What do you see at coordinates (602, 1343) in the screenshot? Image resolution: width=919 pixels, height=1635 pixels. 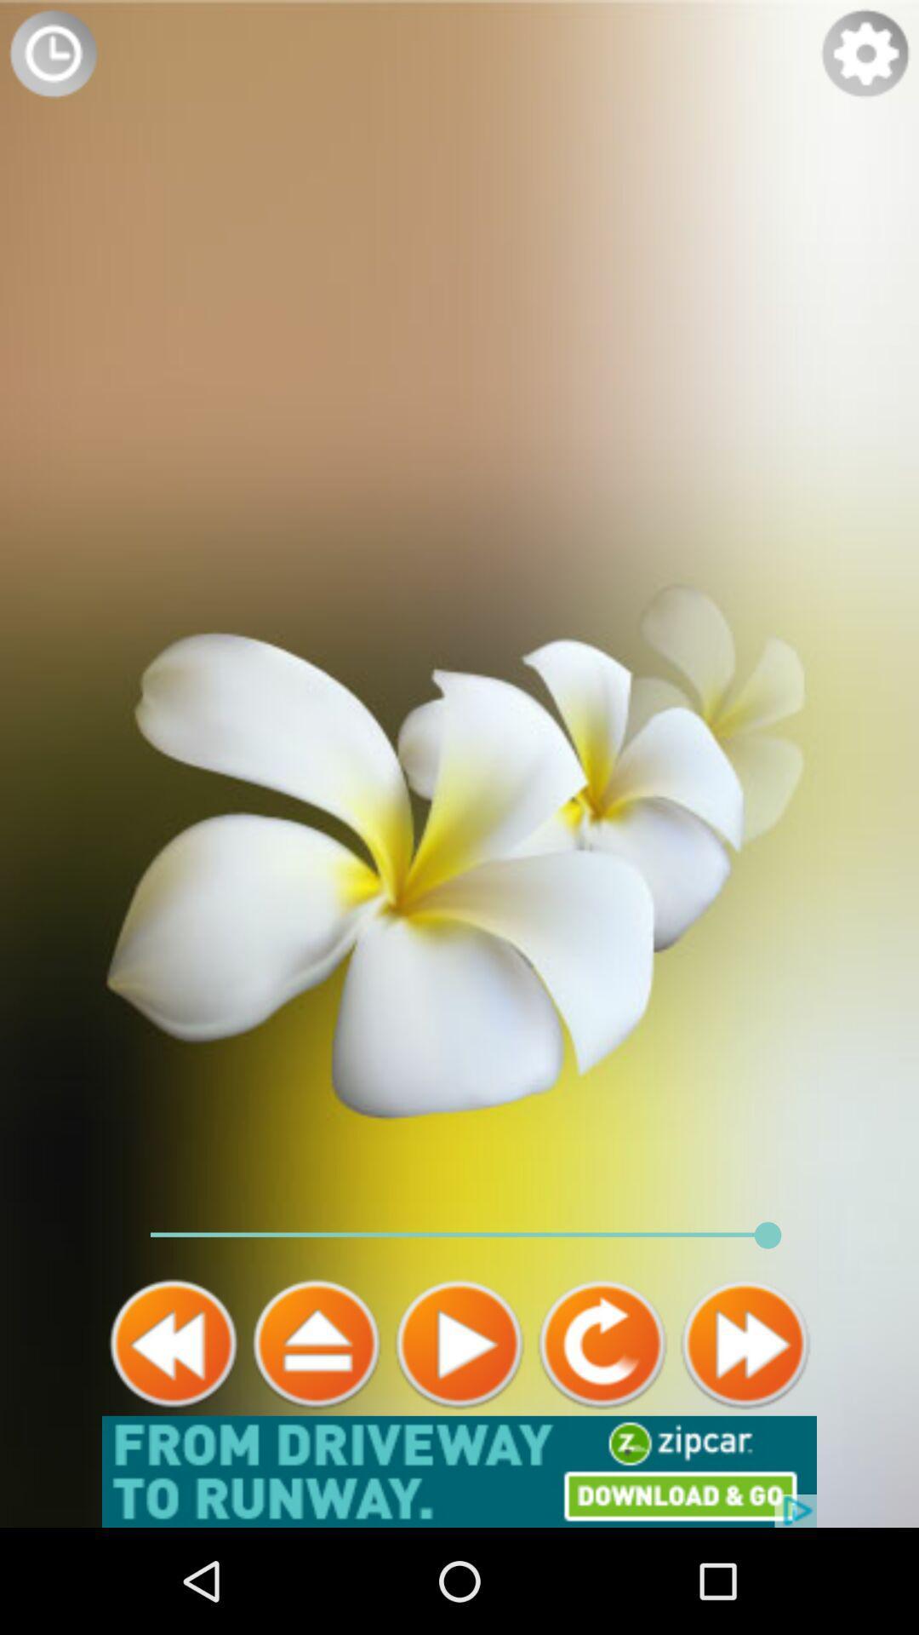 I see `previous` at bounding box center [602, 1343].